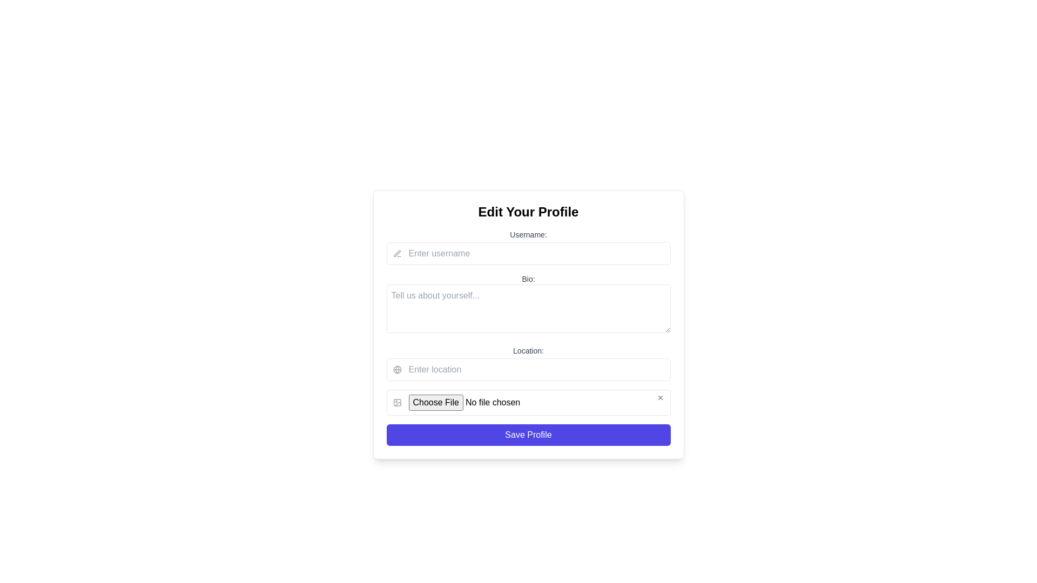 The width and height of the screenshot is (1037, 583). What do you see at coordinates (396, 254) in the screenshot?
I see `the small gray pen icon located at the top-left corner of the 'Enter username' input field in the 'Edit Your Profile' form interface` at bounding box center [396, 254].